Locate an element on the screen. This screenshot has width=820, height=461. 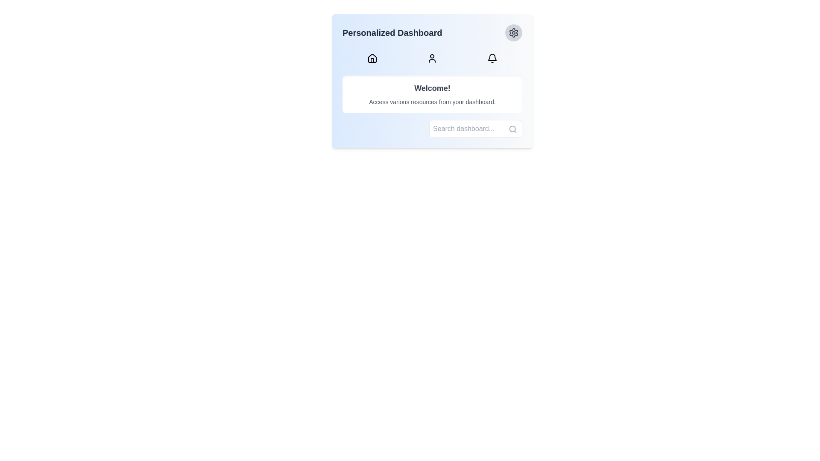
the second icon from the left on the horizontal toolbar at the top of the dashboard card interface, which represents user-related functionality is located at coordinates (432, 58).